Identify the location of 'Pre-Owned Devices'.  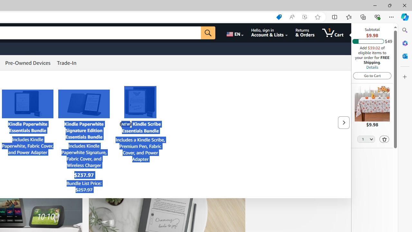
(27, 63).